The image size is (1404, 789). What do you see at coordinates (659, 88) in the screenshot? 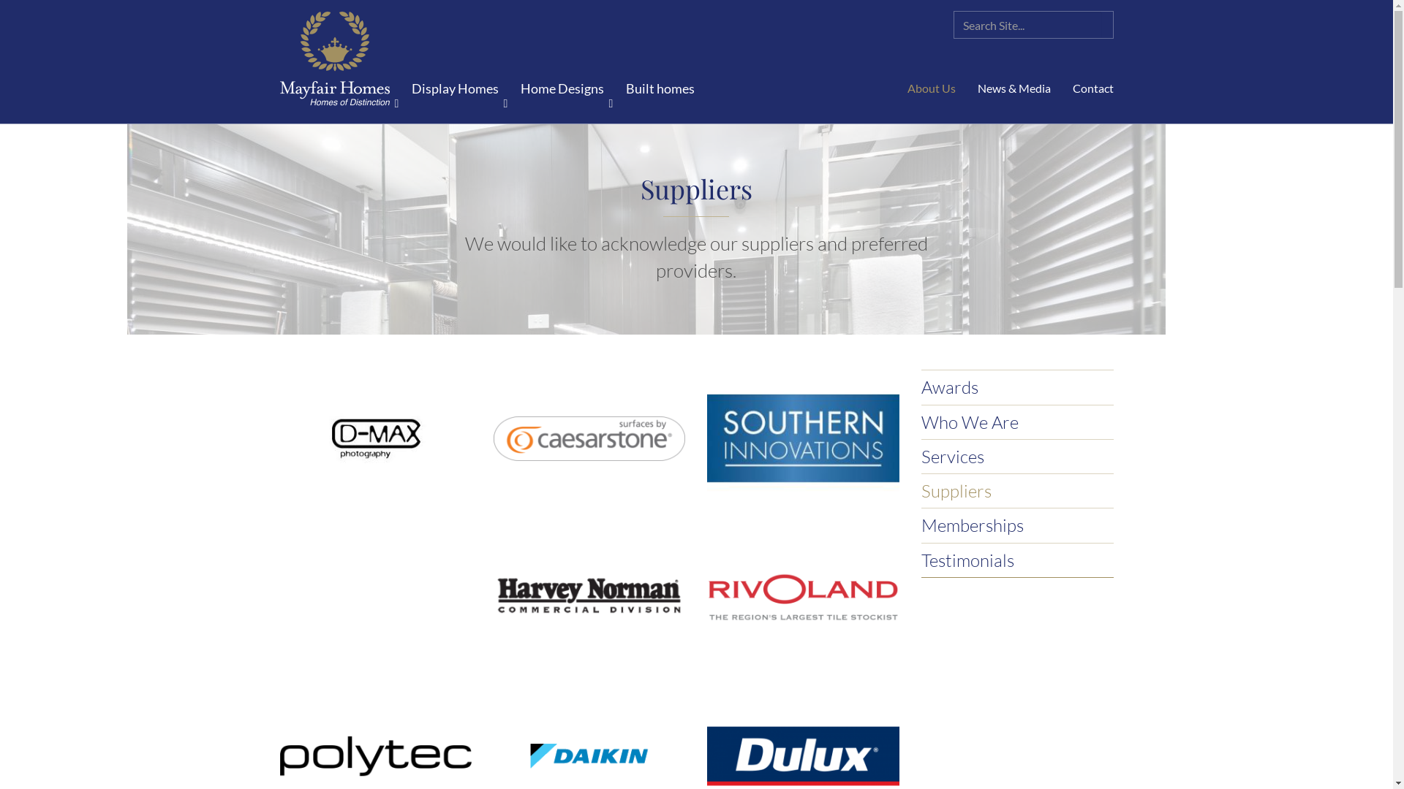
I see `'Built homes'` at bounding box center [659, 88].